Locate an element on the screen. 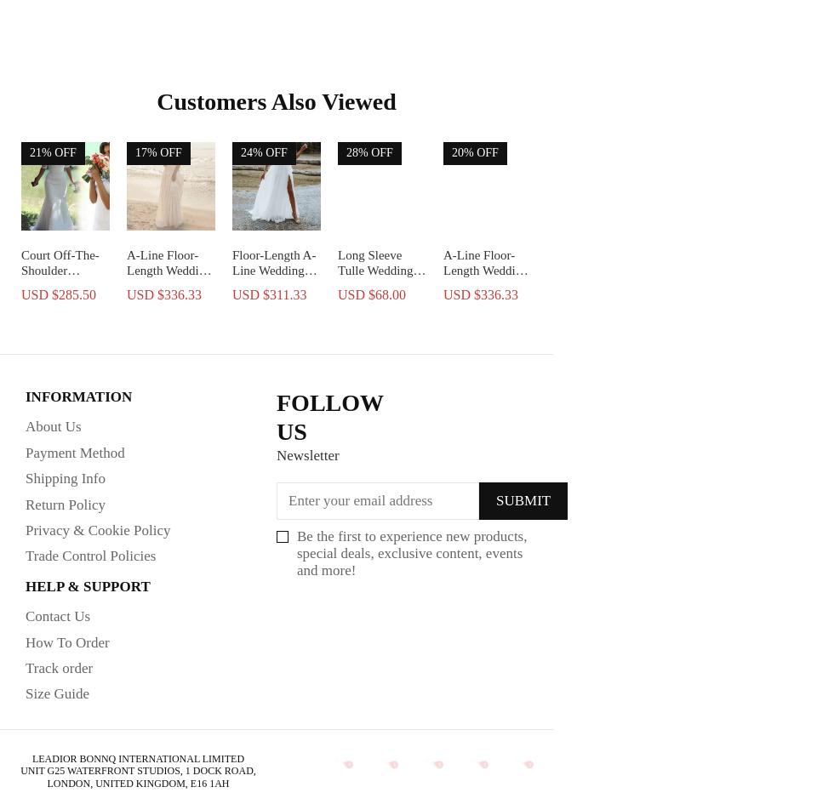 This screenshot has height=804, width=817. 'Floor-Length A-Line Wedding Dress' is located at coordinates (273, 269).